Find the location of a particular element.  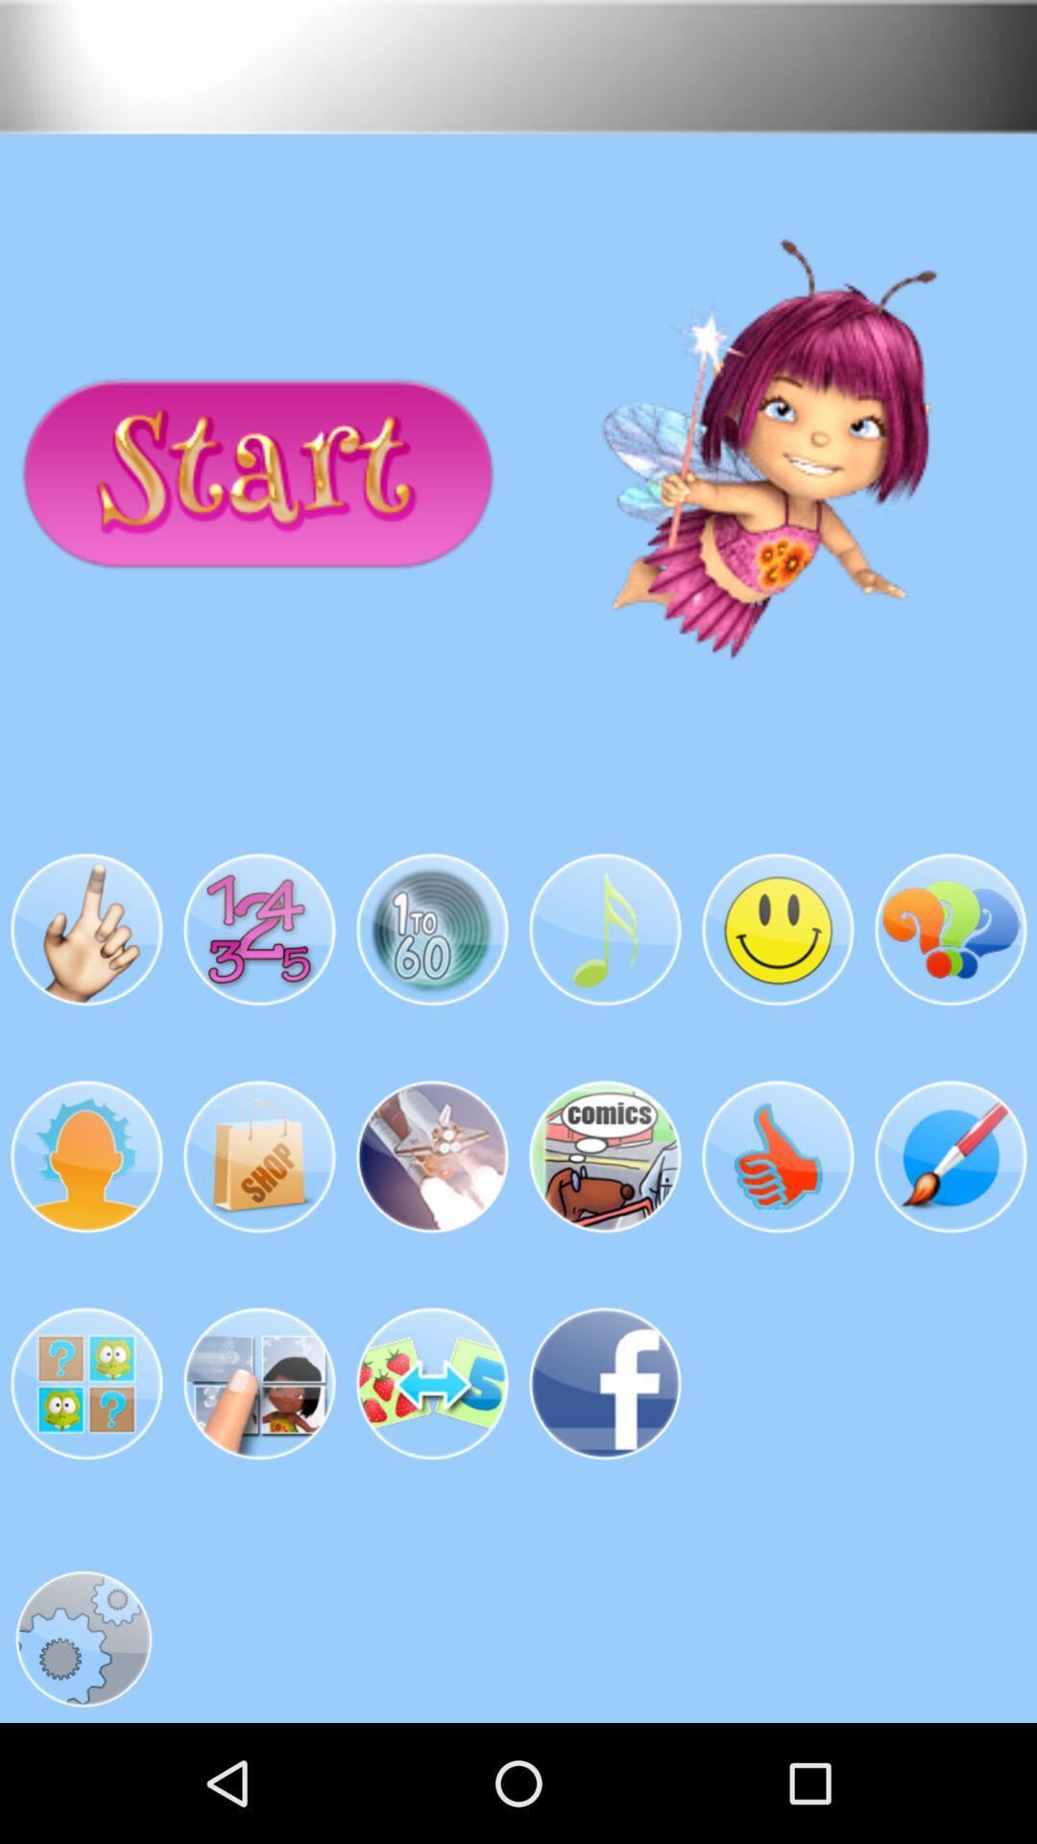

thumps up icon is located at coordinates (778, 1155).